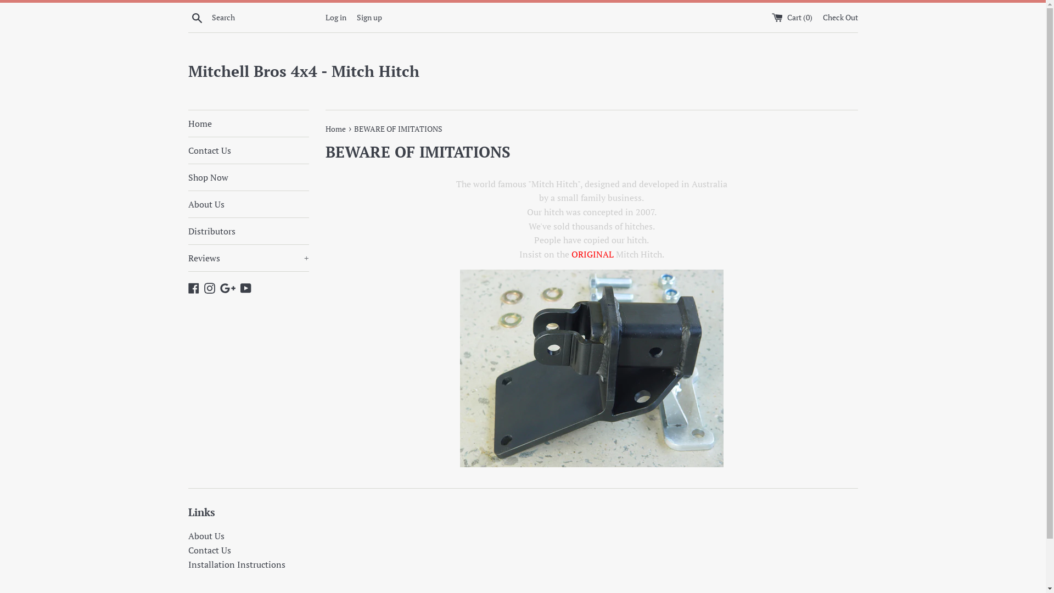 This screenshot has height=593, width=1054. I want to click on 'Reviews, so click(247, 258).